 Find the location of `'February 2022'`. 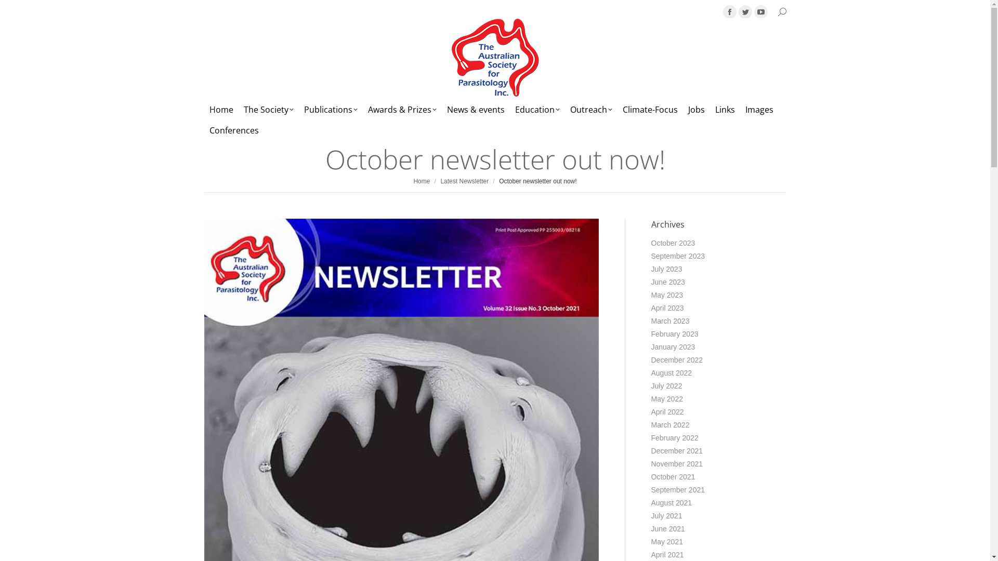

'February 2022' is located at coordinates (674, 438).